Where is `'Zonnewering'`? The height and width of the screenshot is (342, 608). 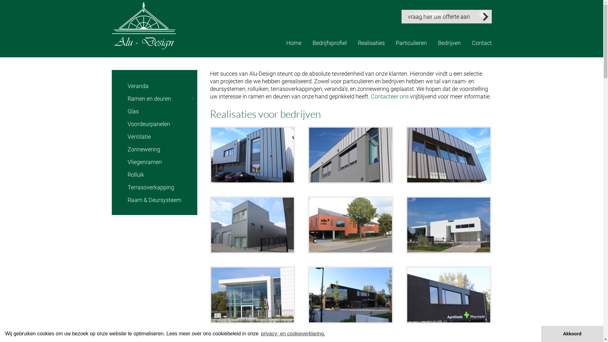 'Zonnewering' is located at coordinates (154, 149).